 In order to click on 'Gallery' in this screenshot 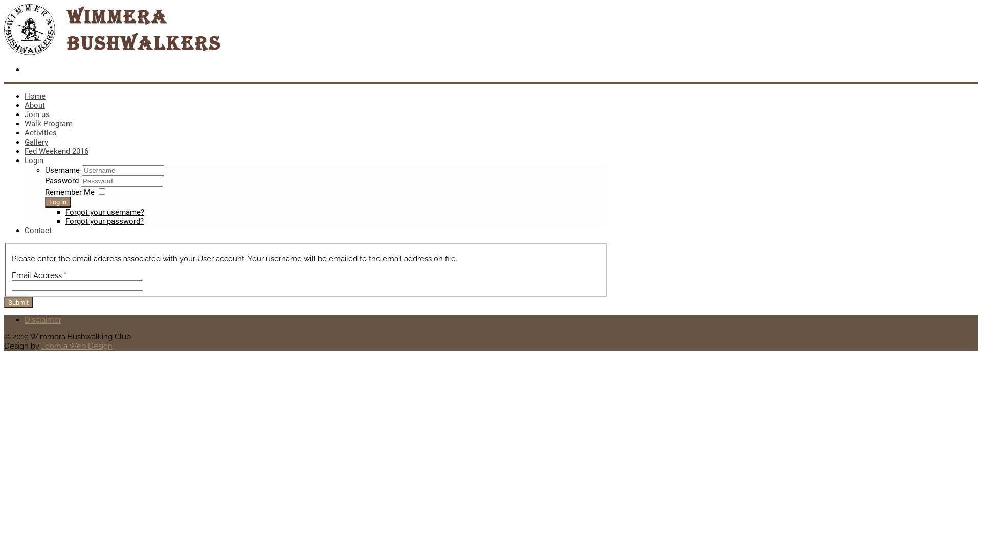, I will do `click(36, 142)`.